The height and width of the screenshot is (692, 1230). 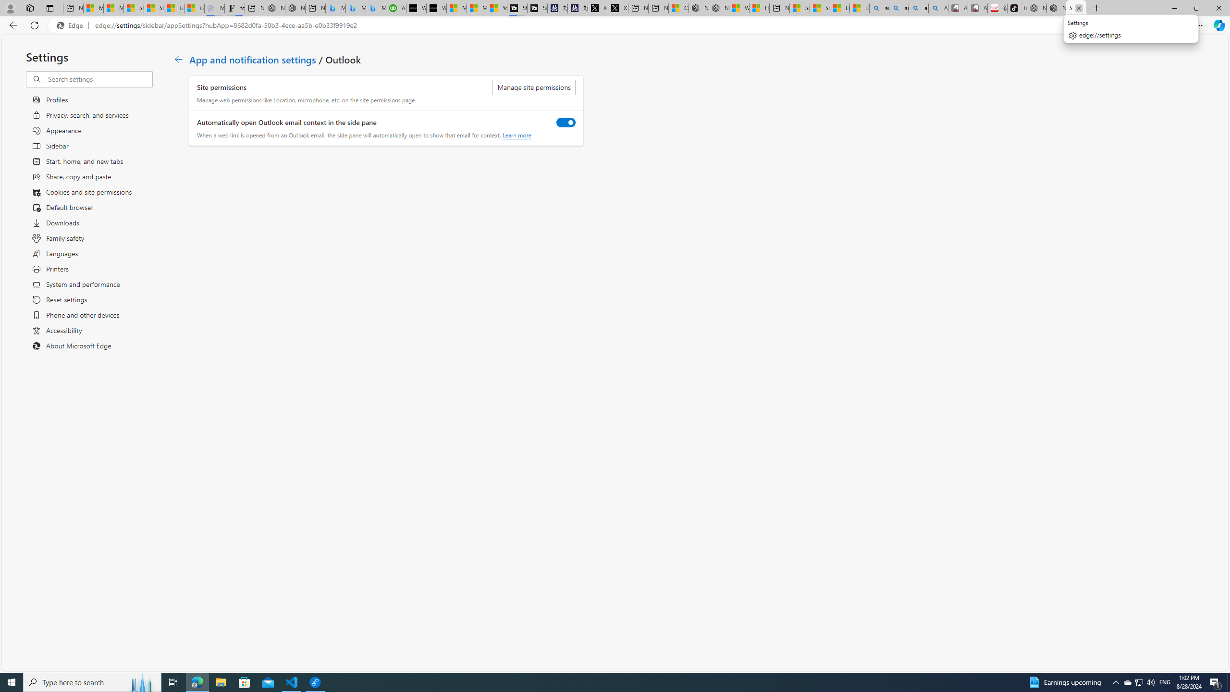 What do you see at coordinates (178, 59) in the screenshot?
I see `'Go back to App and notification settings page.'` at bounding box center [178, 59].